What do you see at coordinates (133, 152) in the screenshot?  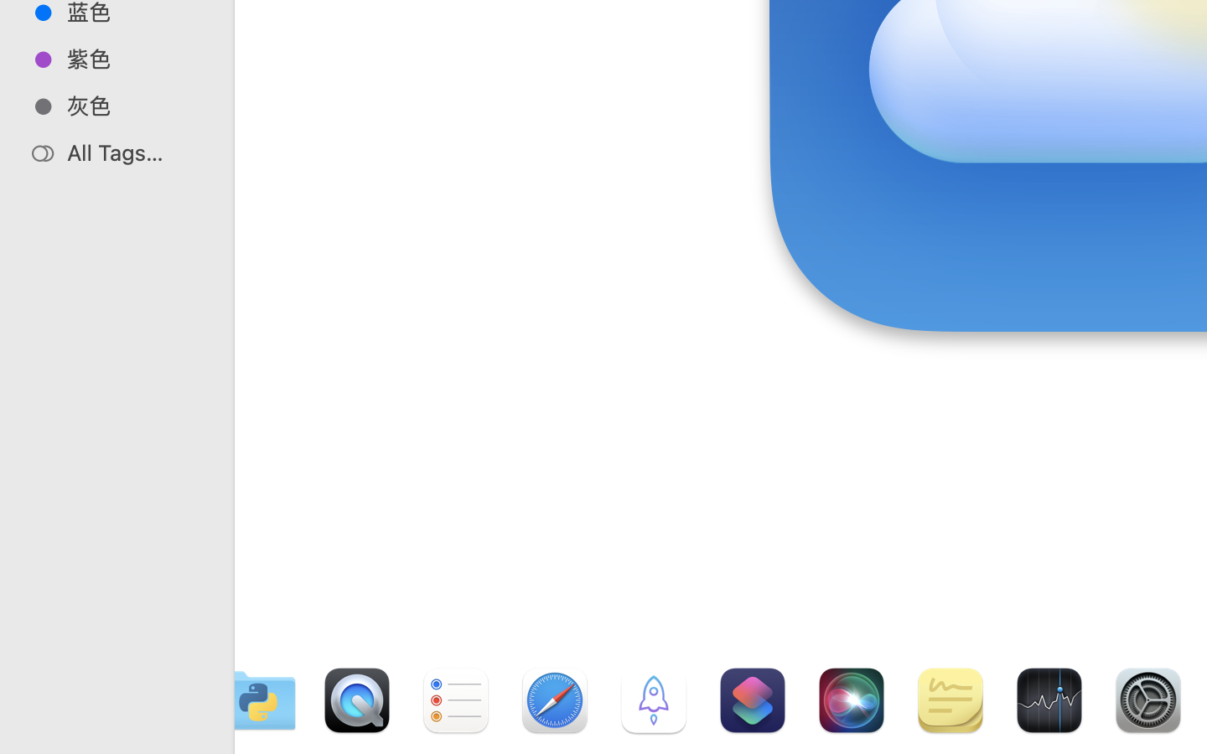 I see `'All Tags…'` at bounding box center [133, 152].